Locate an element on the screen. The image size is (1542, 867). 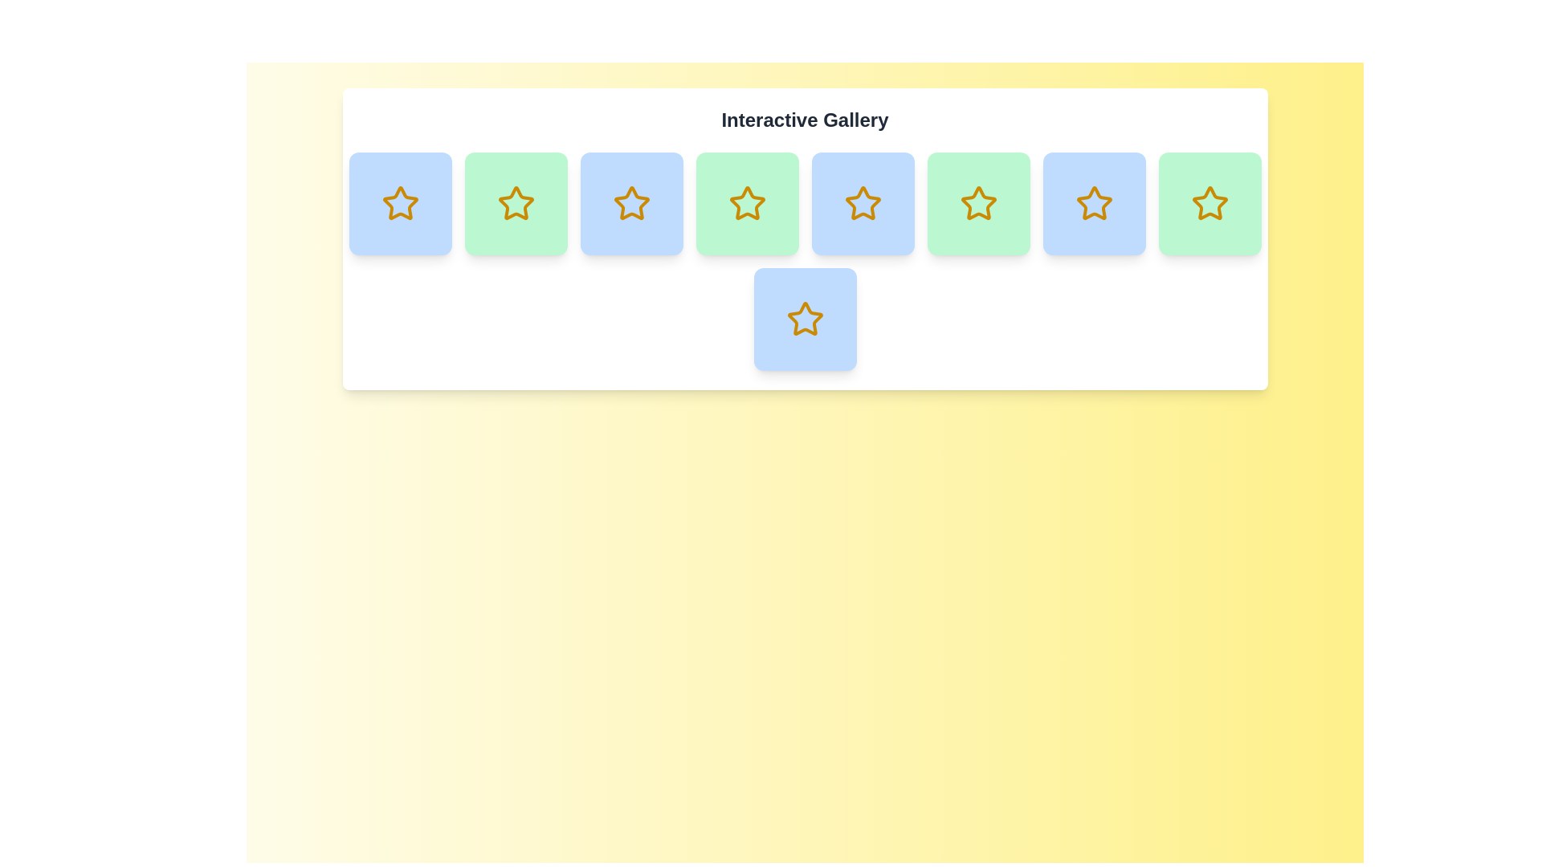
the sixth button from the left, which is a square button with rounded edges, a light green background, and a prominent yellow star icon centered within it is located at coordinates (977, 203).